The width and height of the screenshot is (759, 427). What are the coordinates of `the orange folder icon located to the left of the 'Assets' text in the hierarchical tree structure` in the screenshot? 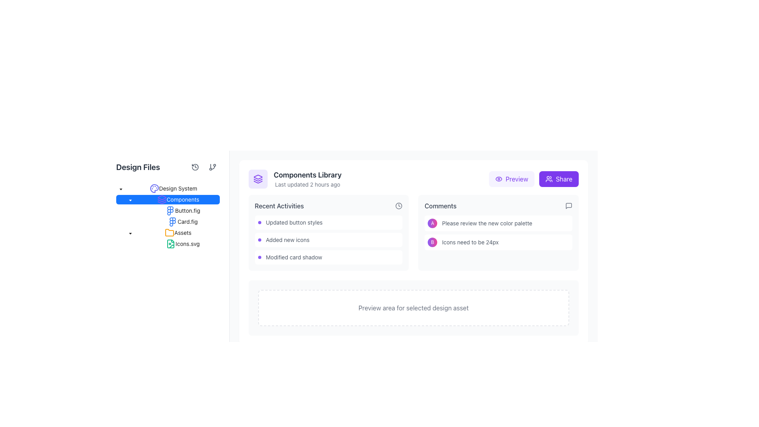 It's located at (169, 232).